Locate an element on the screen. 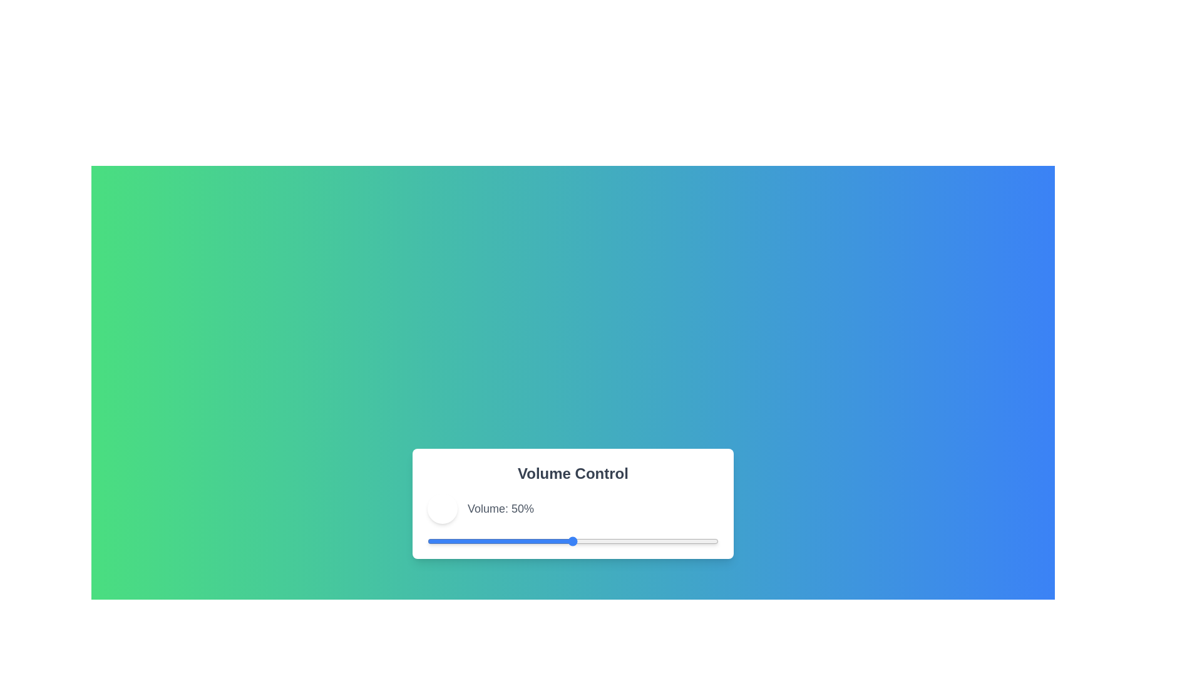 This screenshot has height=676, width=1202. the slider is located at coordinates (610, 540).